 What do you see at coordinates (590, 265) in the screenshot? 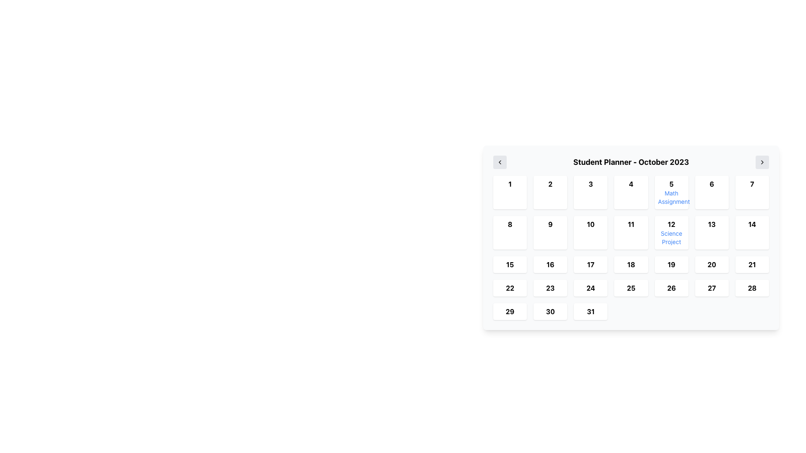
I see `the text label representing the 17th day of the month in the calendar grid located in the third row and fifth column` at bounding box center [590, 265].